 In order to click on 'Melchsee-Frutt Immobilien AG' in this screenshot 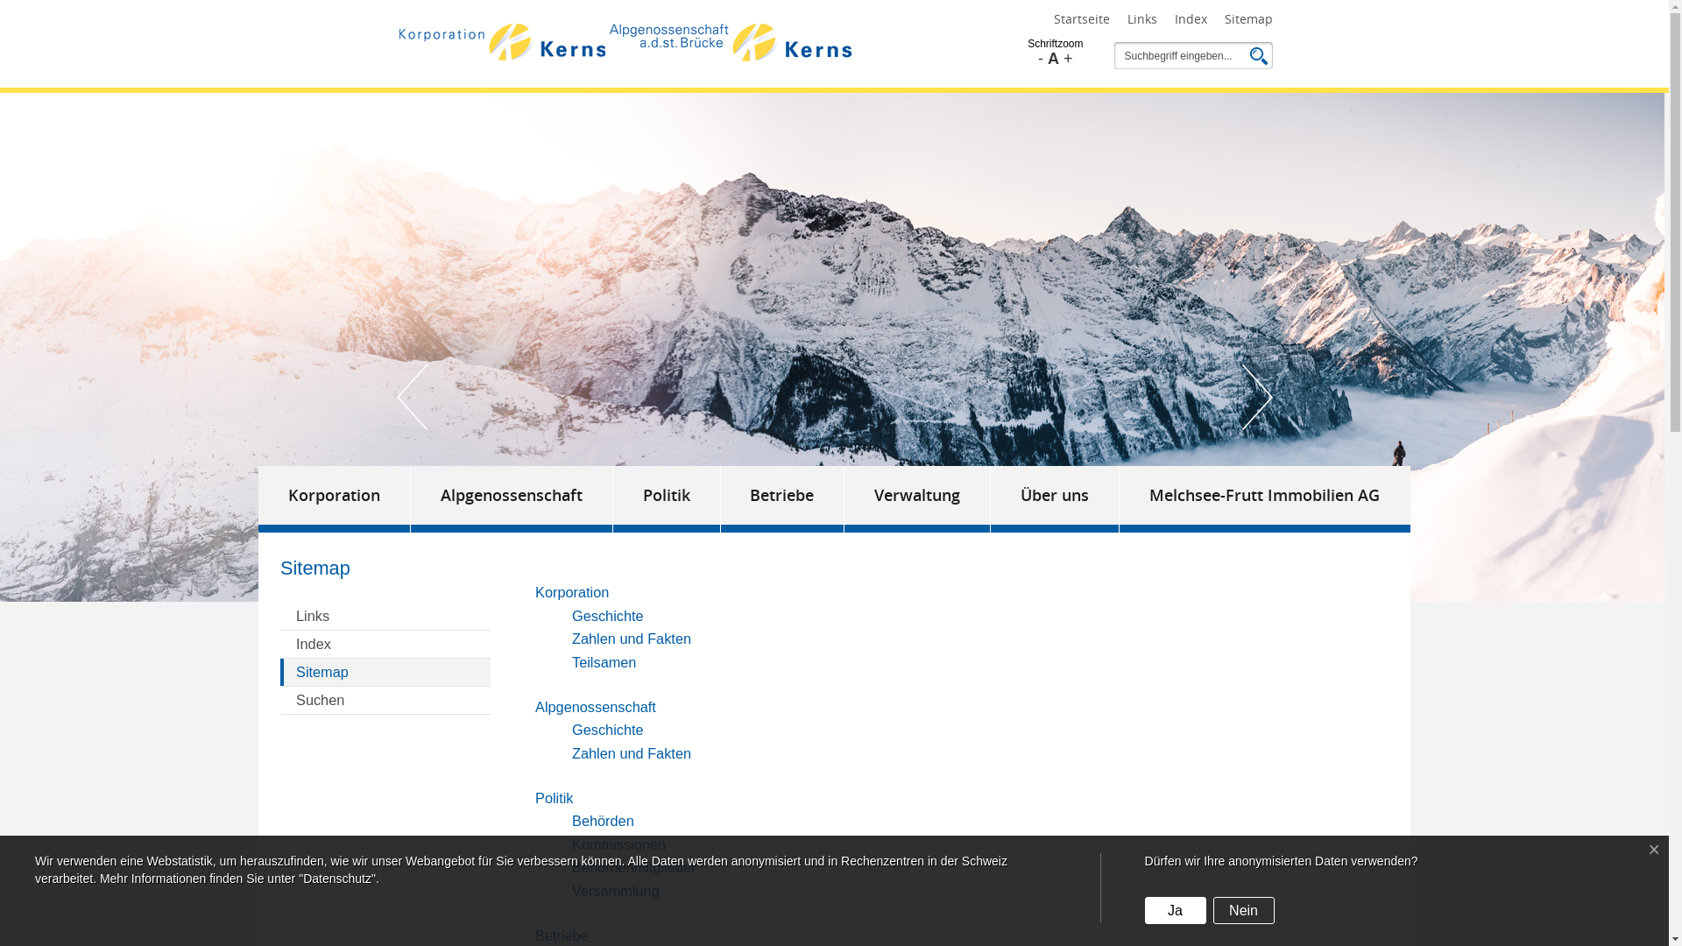, I will do `click(1265, 499)`.